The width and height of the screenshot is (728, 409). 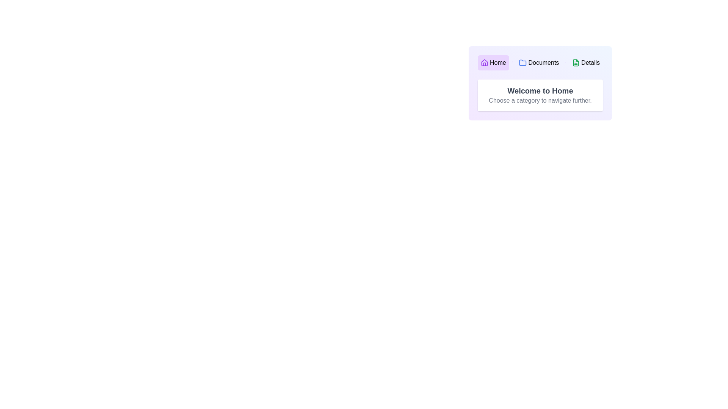 I want to click on the 'Home' button with a house icon in the upper navigation bar, so click(x=493, y=62).